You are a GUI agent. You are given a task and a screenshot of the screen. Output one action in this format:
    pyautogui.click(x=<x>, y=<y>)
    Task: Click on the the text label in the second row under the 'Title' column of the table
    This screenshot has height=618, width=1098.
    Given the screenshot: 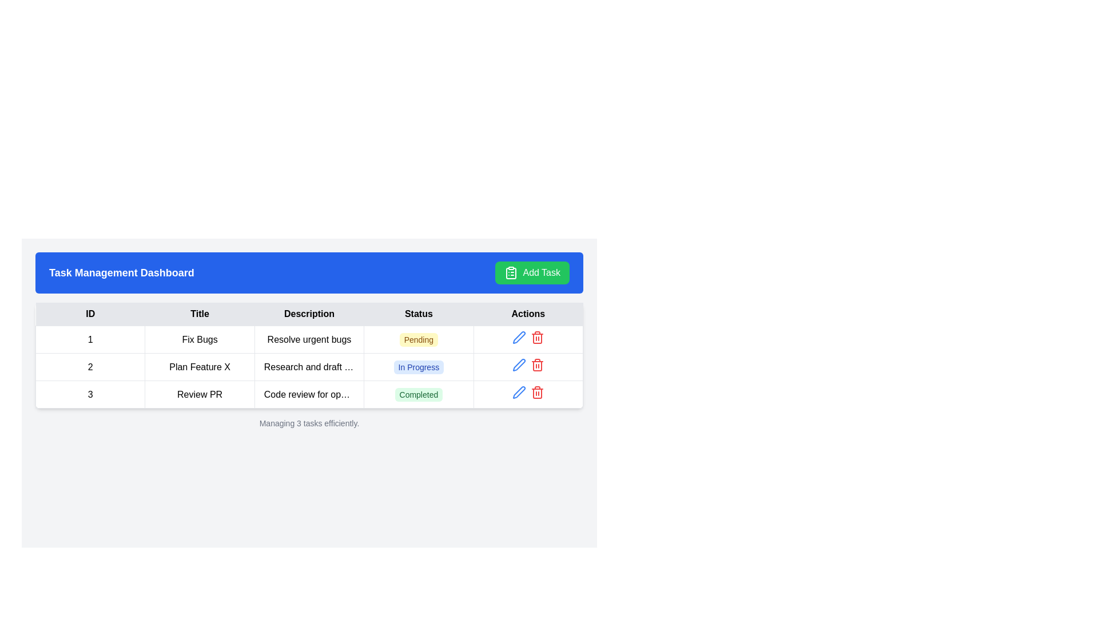 What is the action you would take?
    pyautogui.click(x=200, y=367)
    